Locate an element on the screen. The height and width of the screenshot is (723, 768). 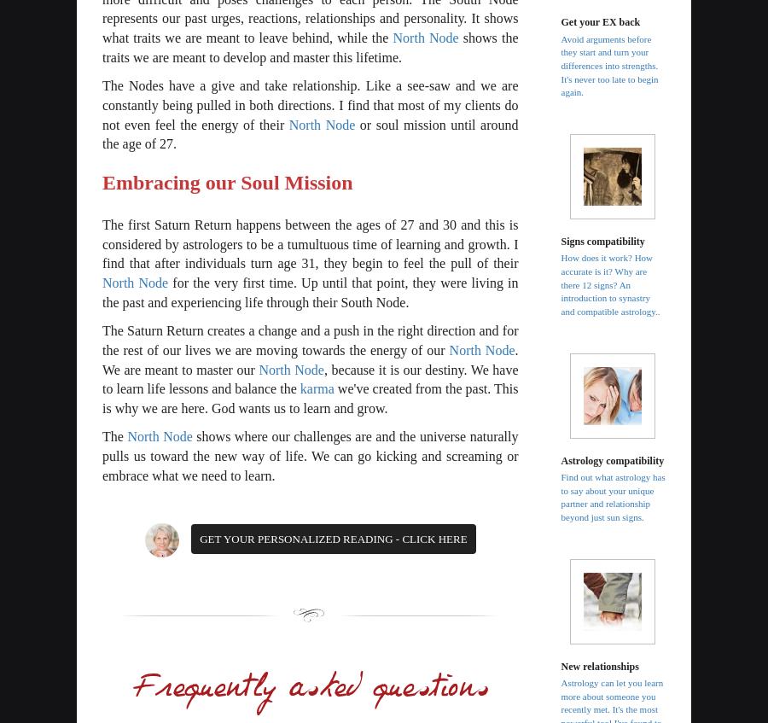
'The first Saturn Return happens between the ages of 27 and 30 and this is considered by astrologers to be a tumultuous time of learning and growth. I find that after individuals turn age 31, they begin to feel the pull of their' is located at coordinates (310, 242).